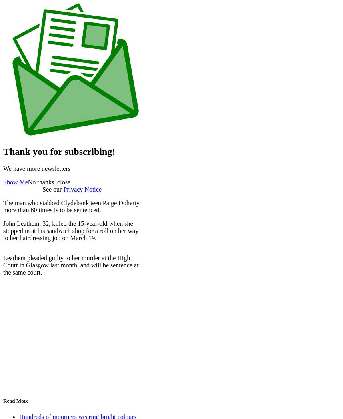 Image resolution: width=343 pixels, height=419 pixels. What do you see at coordinates (36, 168) in the screenshot?
I see `'We have more newsletters'` at bounding box center [36, 168].